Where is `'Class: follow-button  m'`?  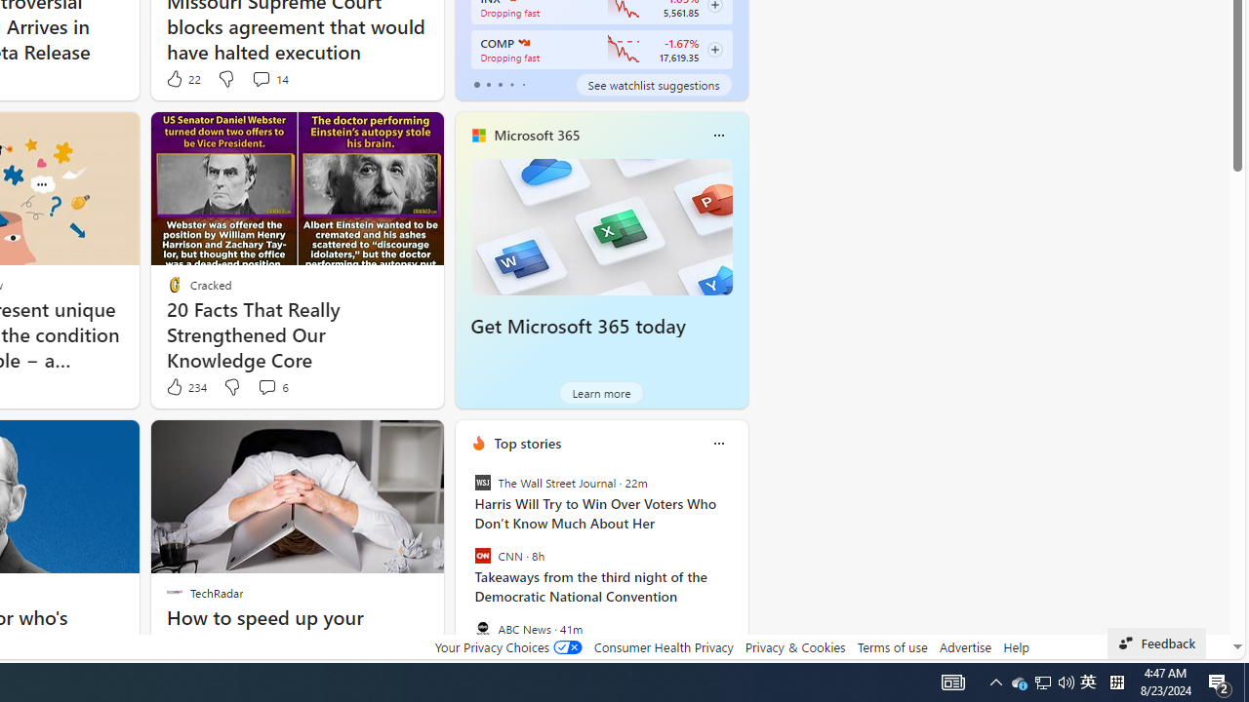 'Class: follow-button  m' is located at coordinates (713, 49).